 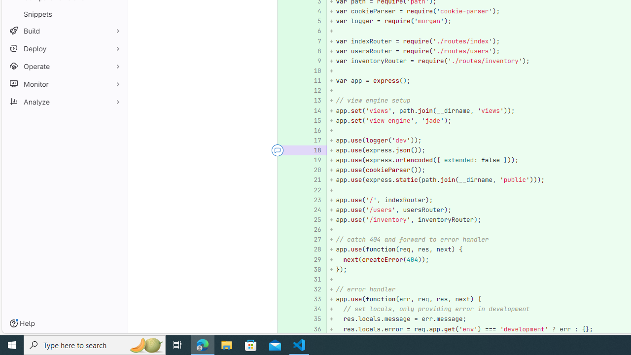 I want to click on 'Operate', so click(x=64, y=66).